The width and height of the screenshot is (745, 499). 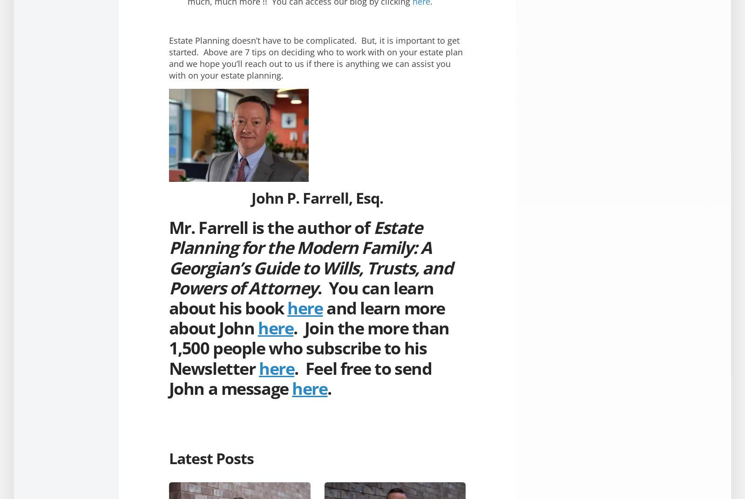 I want to click on 'Mr. Farrell is the author of', so click(x=169, y=227).